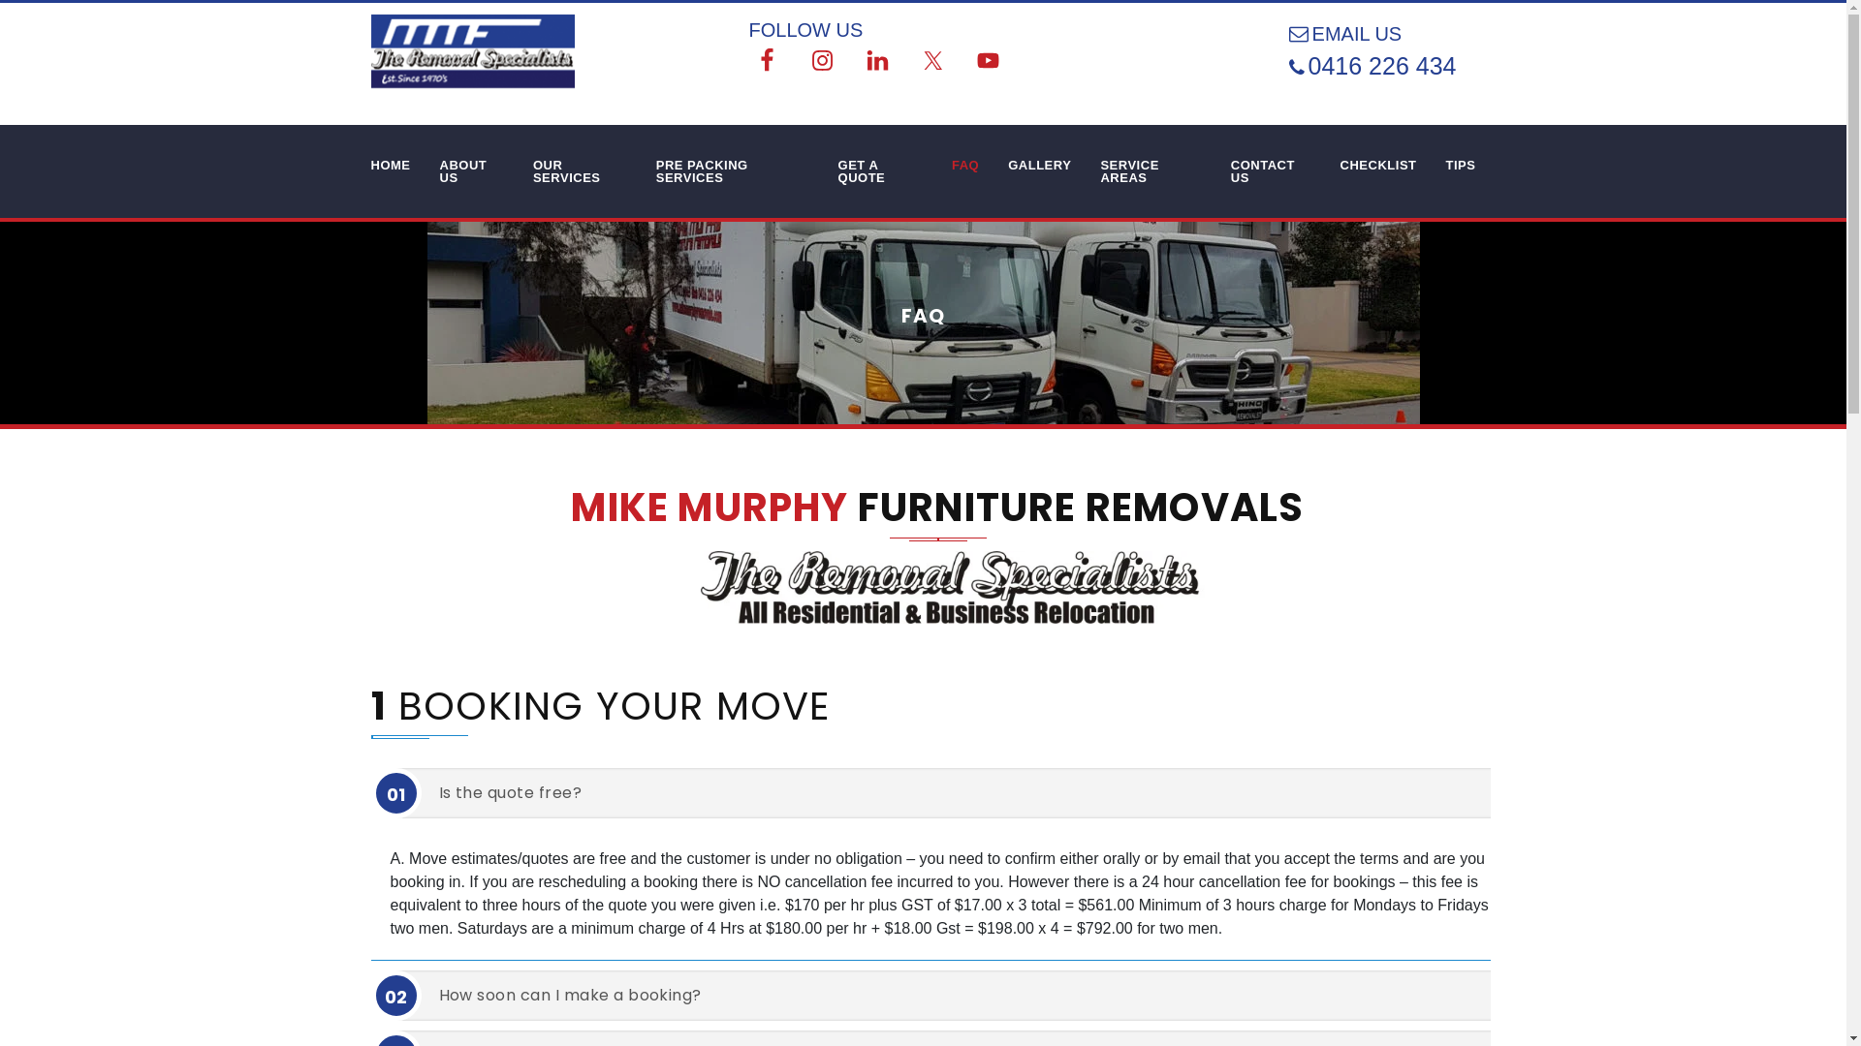 The height and width of the screenshot is (1046, 1861). Describe the element at coordinates (1377, 164) in the screenshot. I see `'CHECKLIST'` at that location.